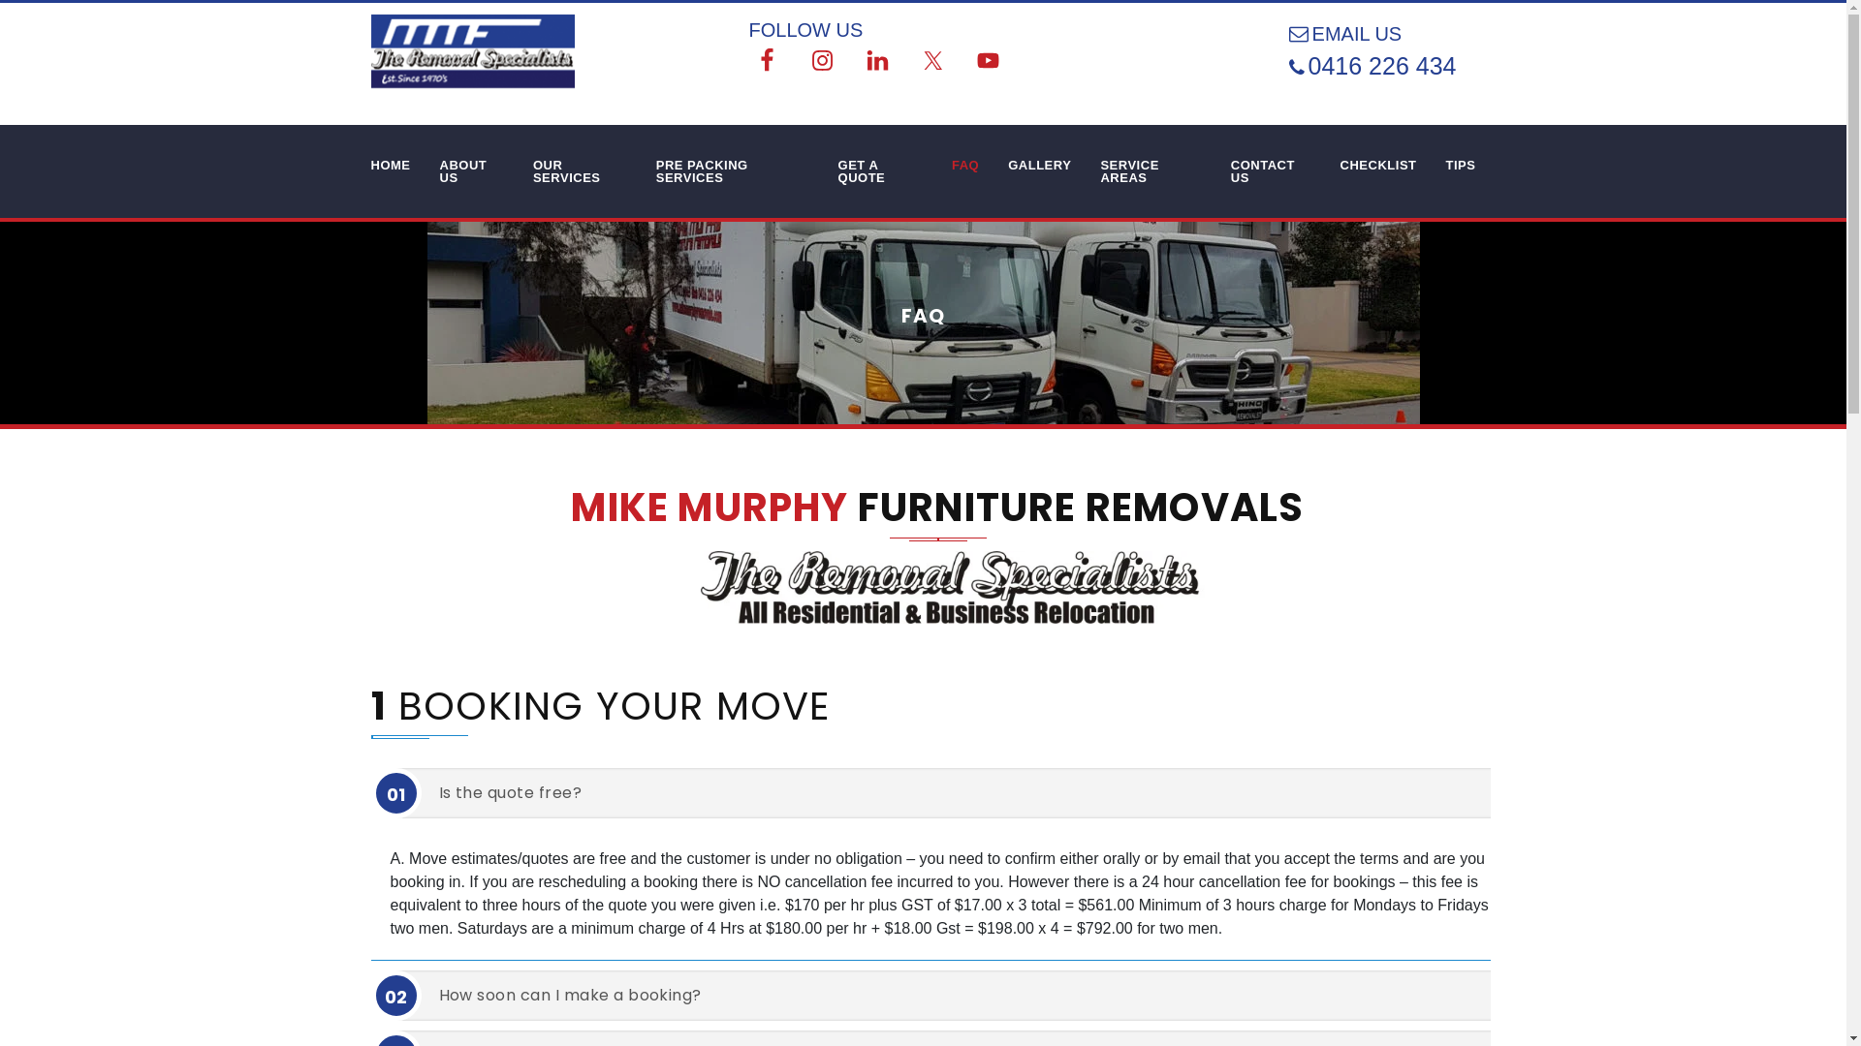 The height and width of the screenshot is (1046, 1861). Describe the element at coordinates (1377, 164) in the screenshot. I see `'CHECKLIST'` at that location.